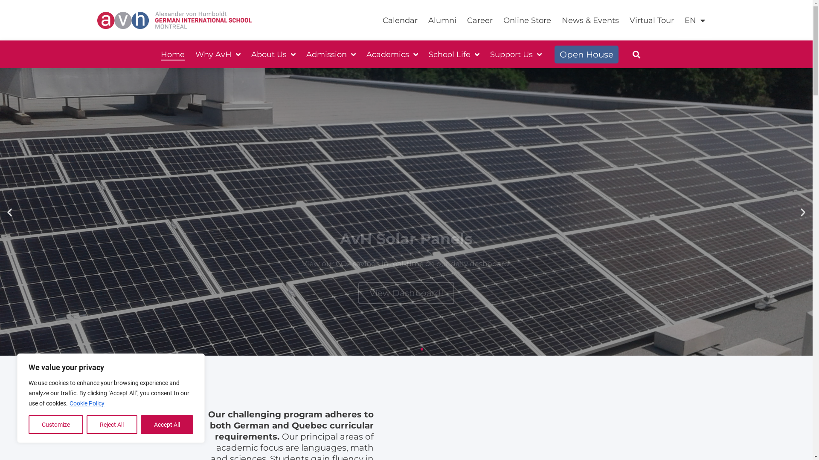 The height and width of the screenshot is (460, 819). Describe the element at coordinates (141, 424) in the screenshot. I see `'Accept All'` at that location.